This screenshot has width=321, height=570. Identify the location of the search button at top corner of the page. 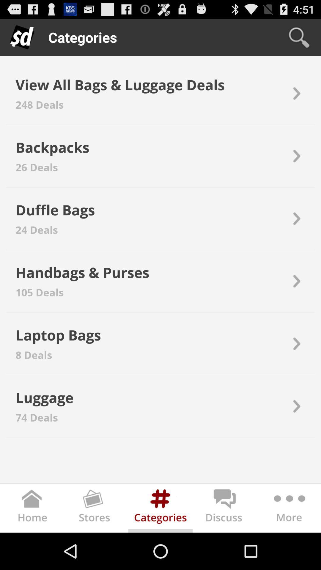
(299, 37).